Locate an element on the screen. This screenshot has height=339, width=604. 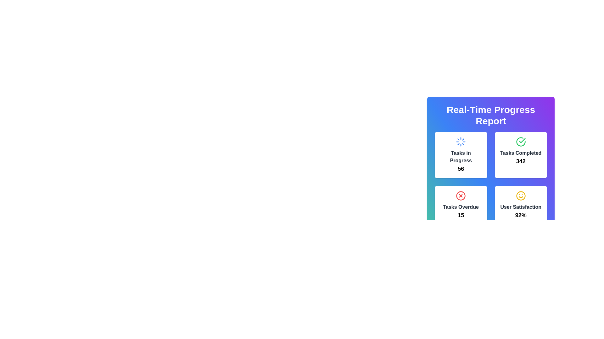
the decorative graphical element that represents the face of the 'User Satisfaction' icon, located in the bottom-right section of the 'User Satisfaction' tile is located at coordinates (521, 196).